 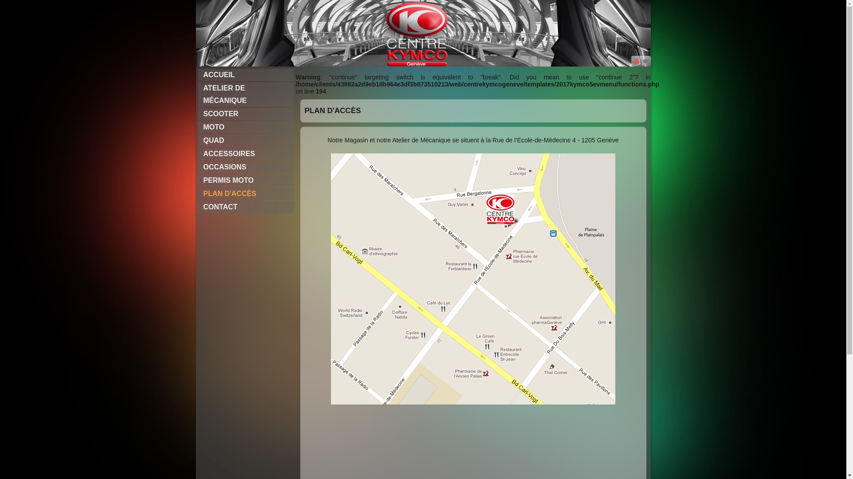 I want to click on 'ACCUEIL', so click(x=246, y=75).